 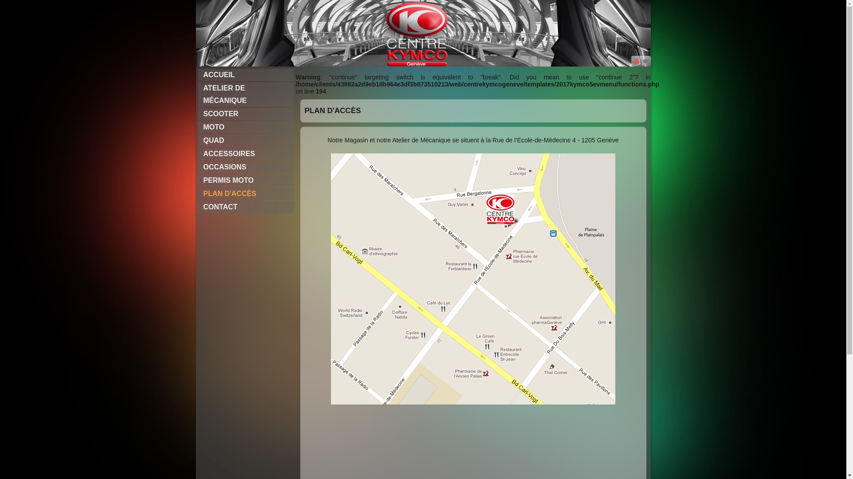 I want to click on 'ACCUEIL', so click(x=246, y=75).